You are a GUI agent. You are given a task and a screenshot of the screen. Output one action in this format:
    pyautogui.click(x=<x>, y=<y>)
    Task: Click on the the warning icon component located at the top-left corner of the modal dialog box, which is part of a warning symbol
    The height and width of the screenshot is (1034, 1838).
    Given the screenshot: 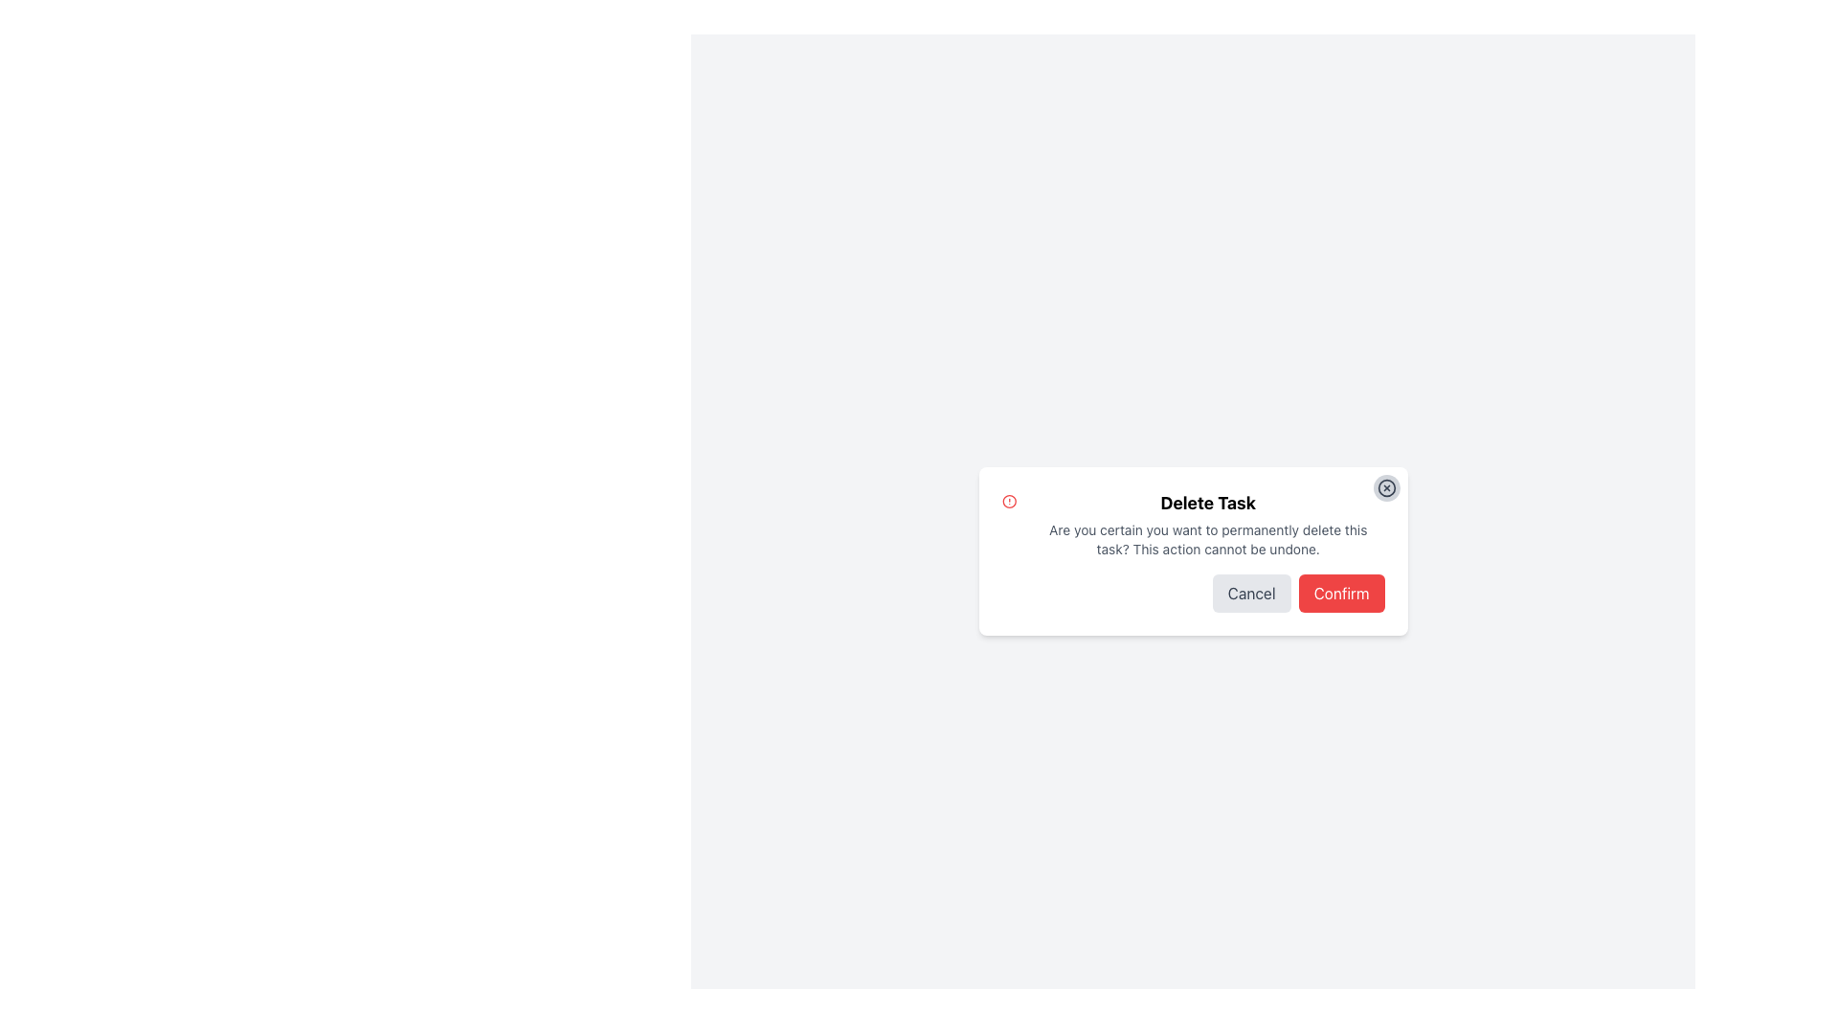 What is the action you would take?
    pyautogui.click(x=1008, y=501)
    